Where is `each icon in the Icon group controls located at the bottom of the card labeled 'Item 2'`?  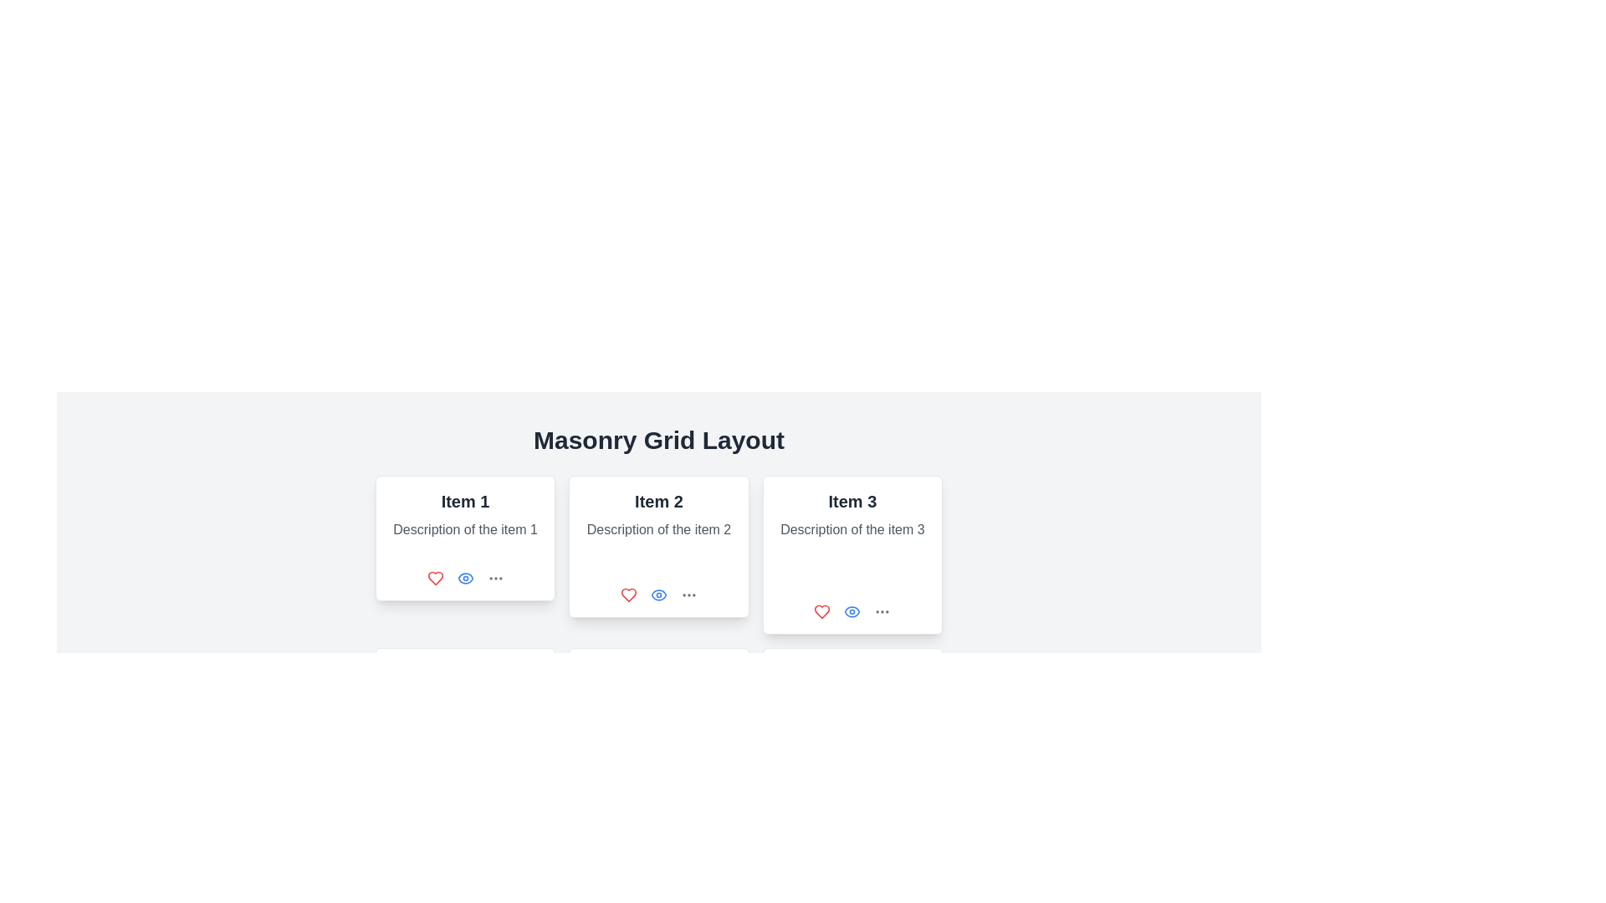
each icon in the Icon group controls located at the bottom of the card labeled 'Item 2' is located at coordinates (657, 594).